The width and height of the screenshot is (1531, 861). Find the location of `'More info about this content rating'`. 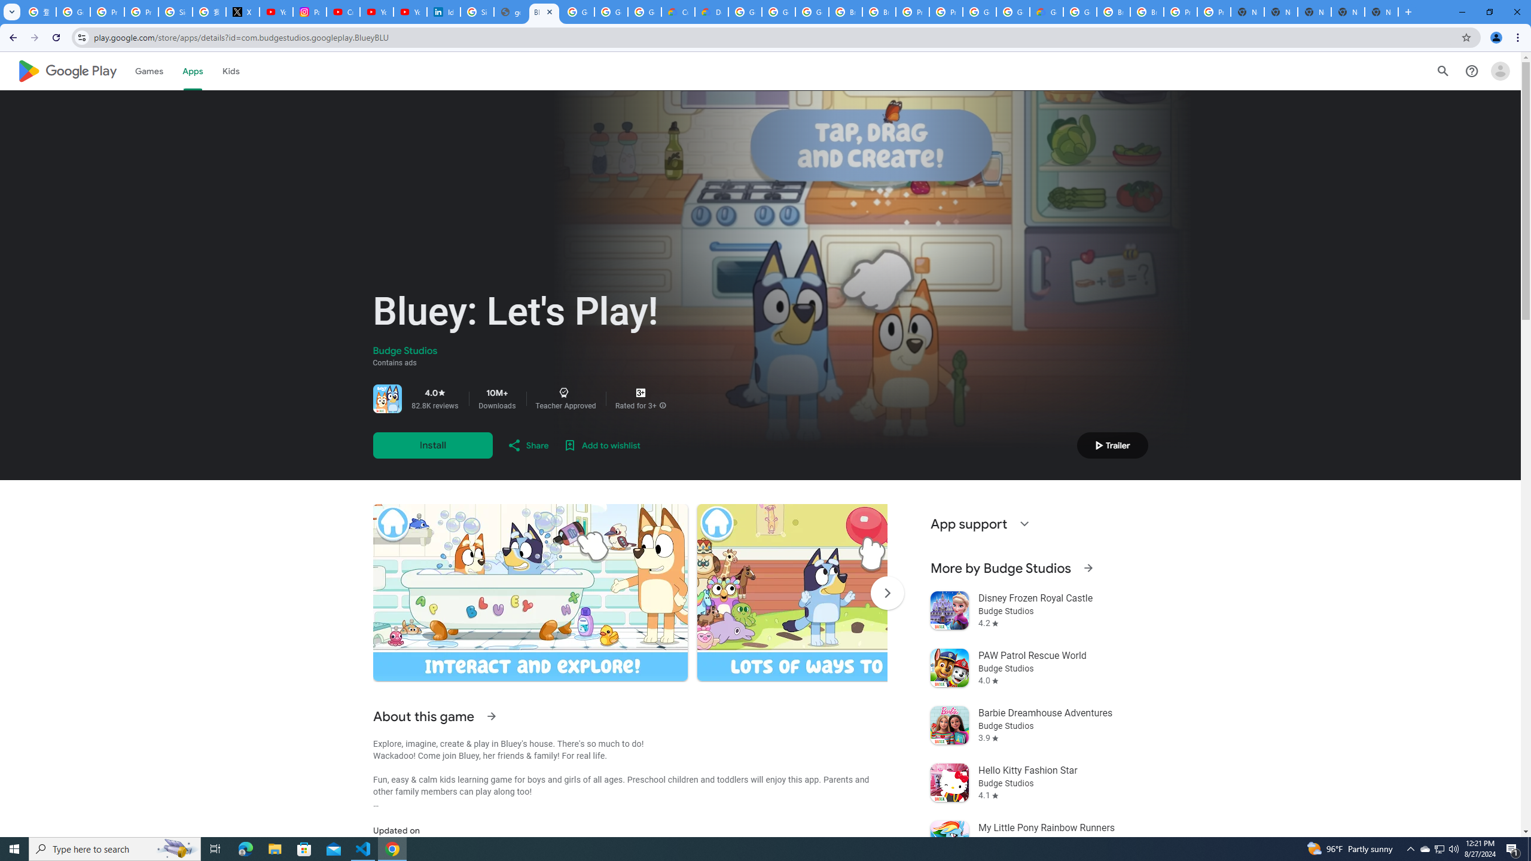

'More info about this content rating' is located at coordinates (663, 405).